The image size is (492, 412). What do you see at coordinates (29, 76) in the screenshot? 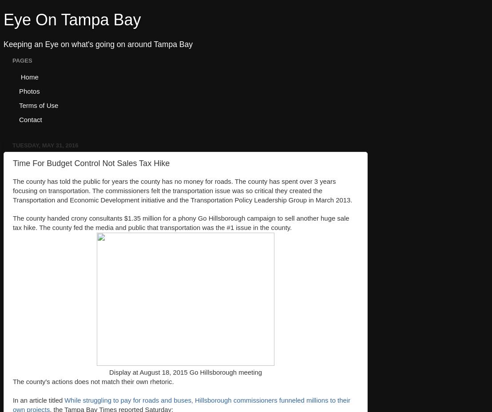
I see `'Home'` at bounding box center [29, 76].